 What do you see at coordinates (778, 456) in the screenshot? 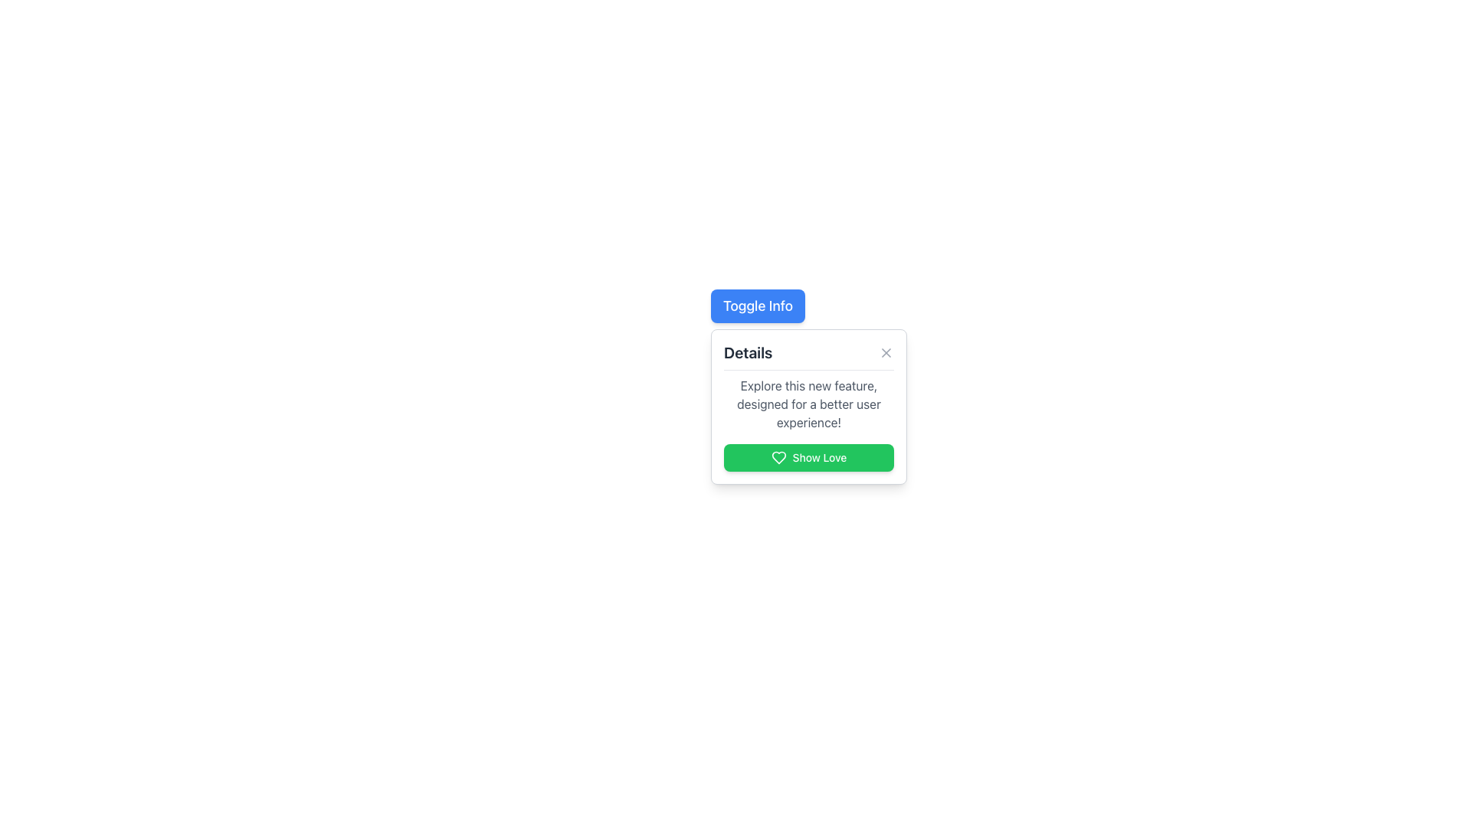
I see `the heart-shaped SVG icon located within the green 'Show Love' button` at bounding box center [778, 456].